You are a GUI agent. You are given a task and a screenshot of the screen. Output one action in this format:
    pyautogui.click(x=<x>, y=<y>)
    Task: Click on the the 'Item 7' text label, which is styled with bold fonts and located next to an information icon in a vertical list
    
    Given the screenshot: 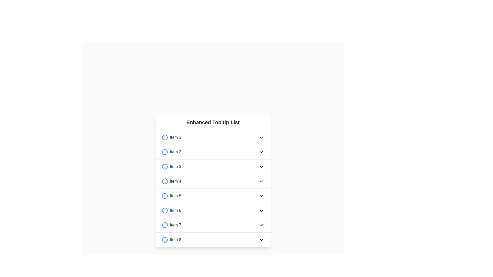 What is the action you would take?
    pyautogui.click(x=171, y=225)
    